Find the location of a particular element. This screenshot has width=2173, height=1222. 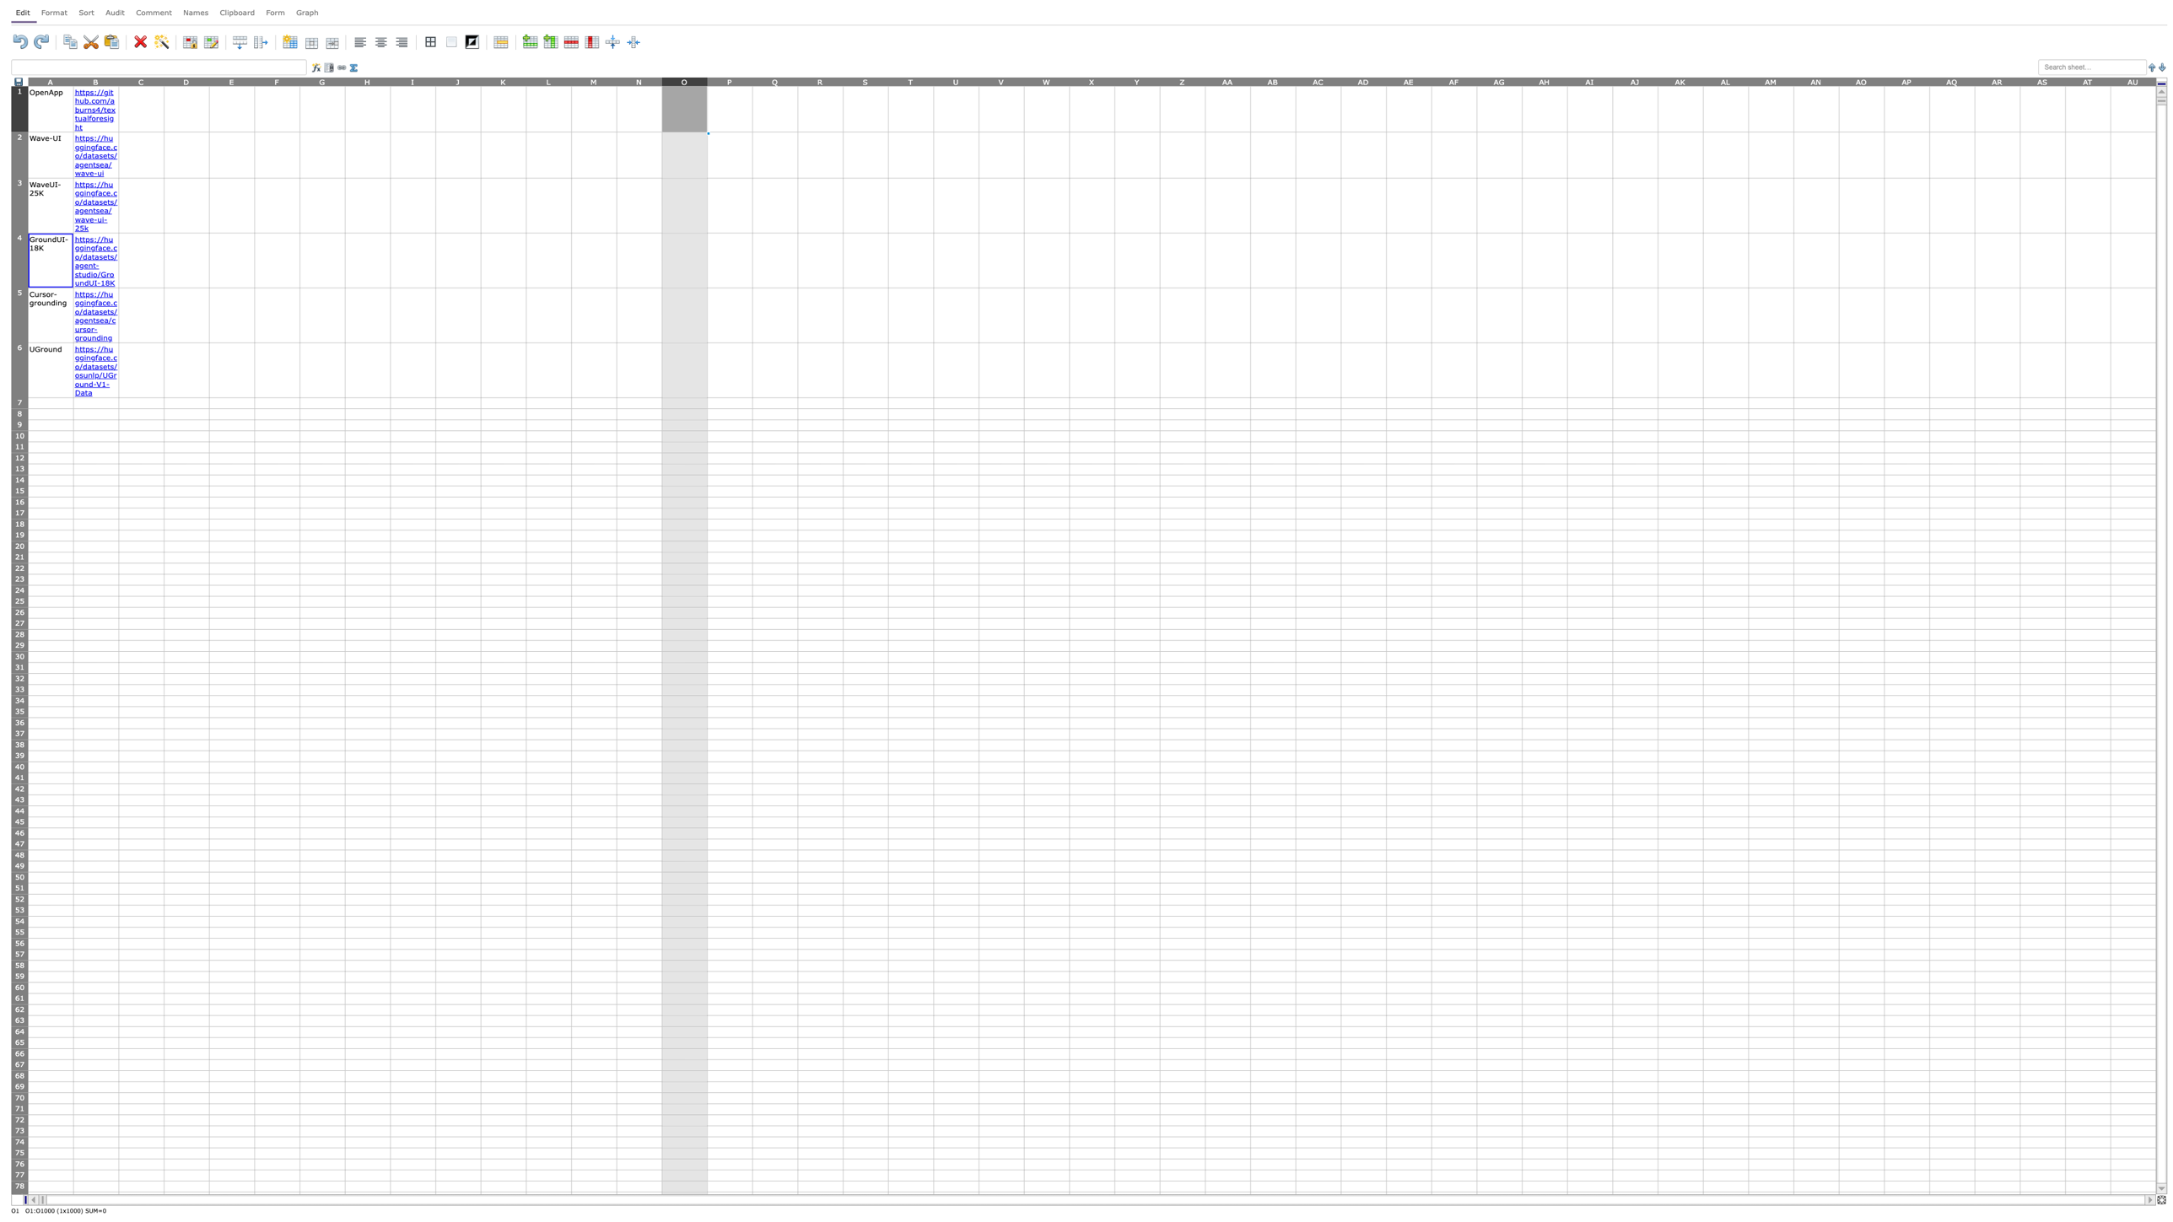

Activate entire column R is located at coordinates (820, 80).